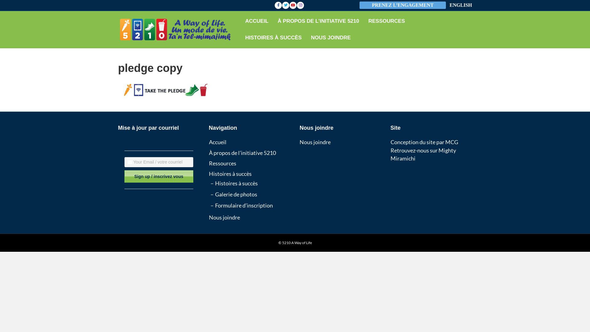 This screenshot has height=332, width=590. I want to click on 'Instagram', so click(297, 5).